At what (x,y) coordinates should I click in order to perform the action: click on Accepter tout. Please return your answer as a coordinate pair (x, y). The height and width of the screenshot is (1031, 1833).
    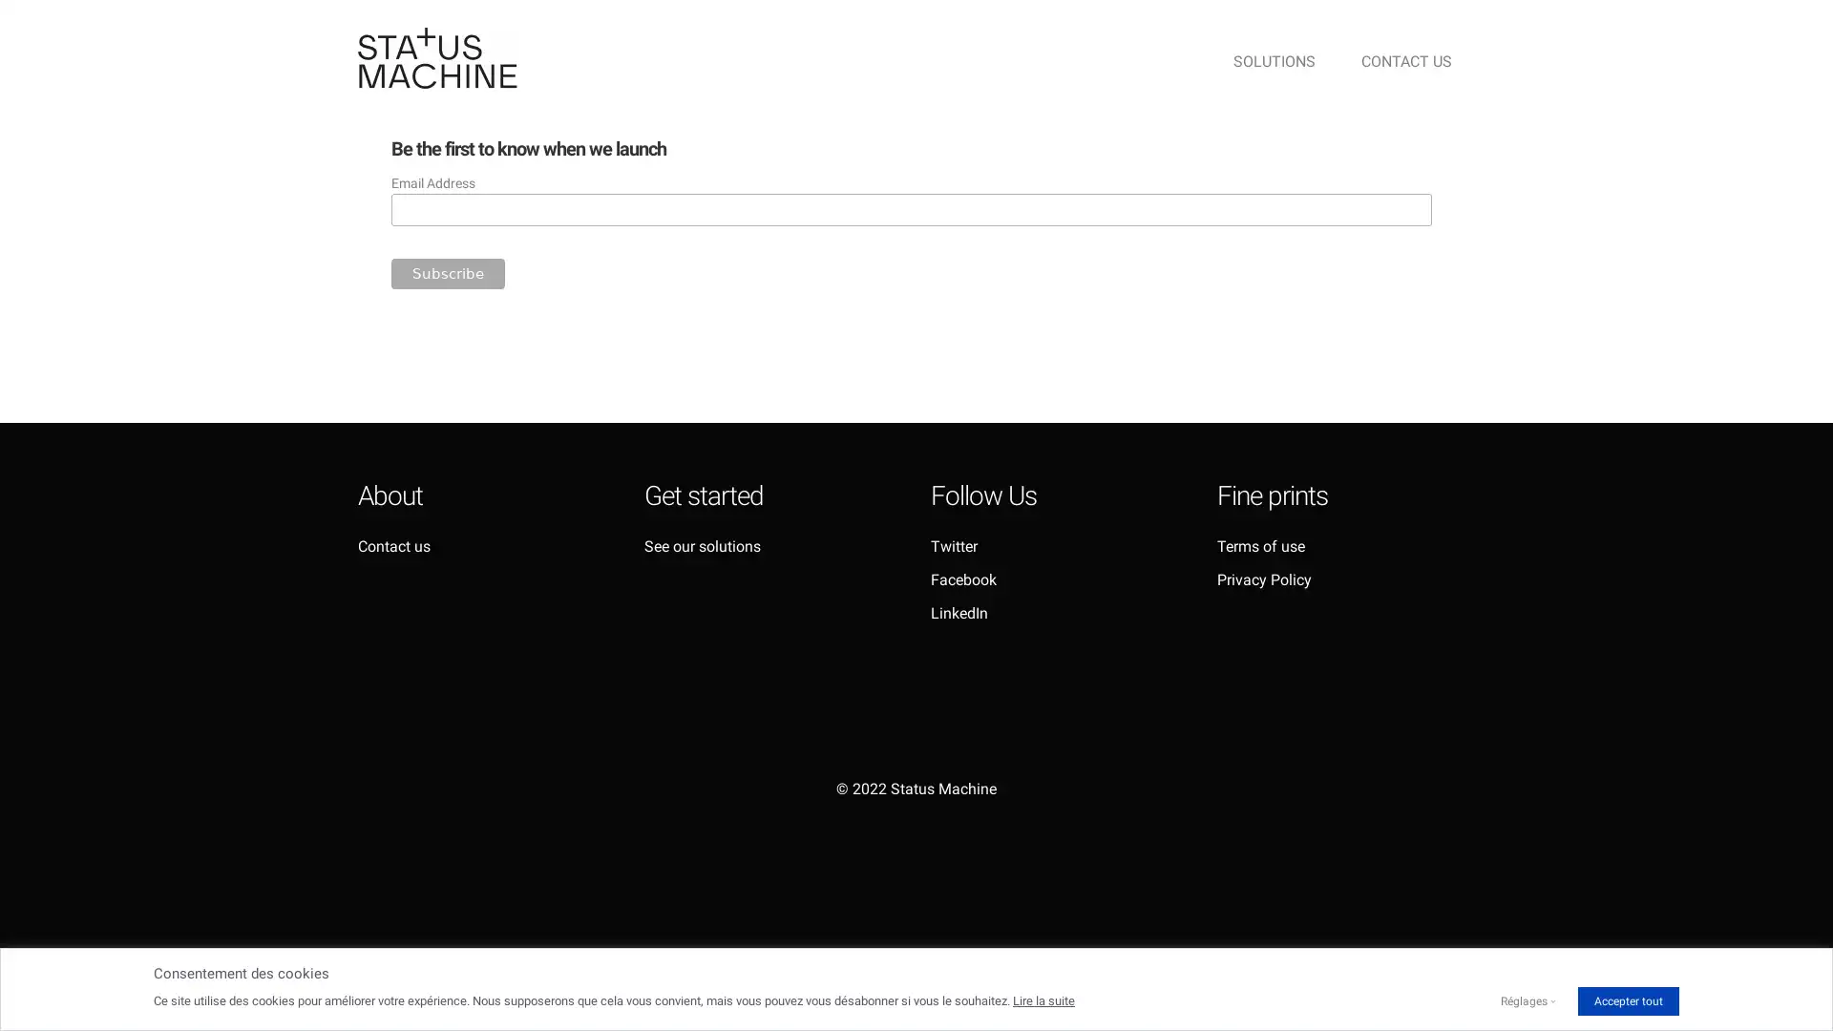
    Looking at the image, I should click on (1627, 1000).